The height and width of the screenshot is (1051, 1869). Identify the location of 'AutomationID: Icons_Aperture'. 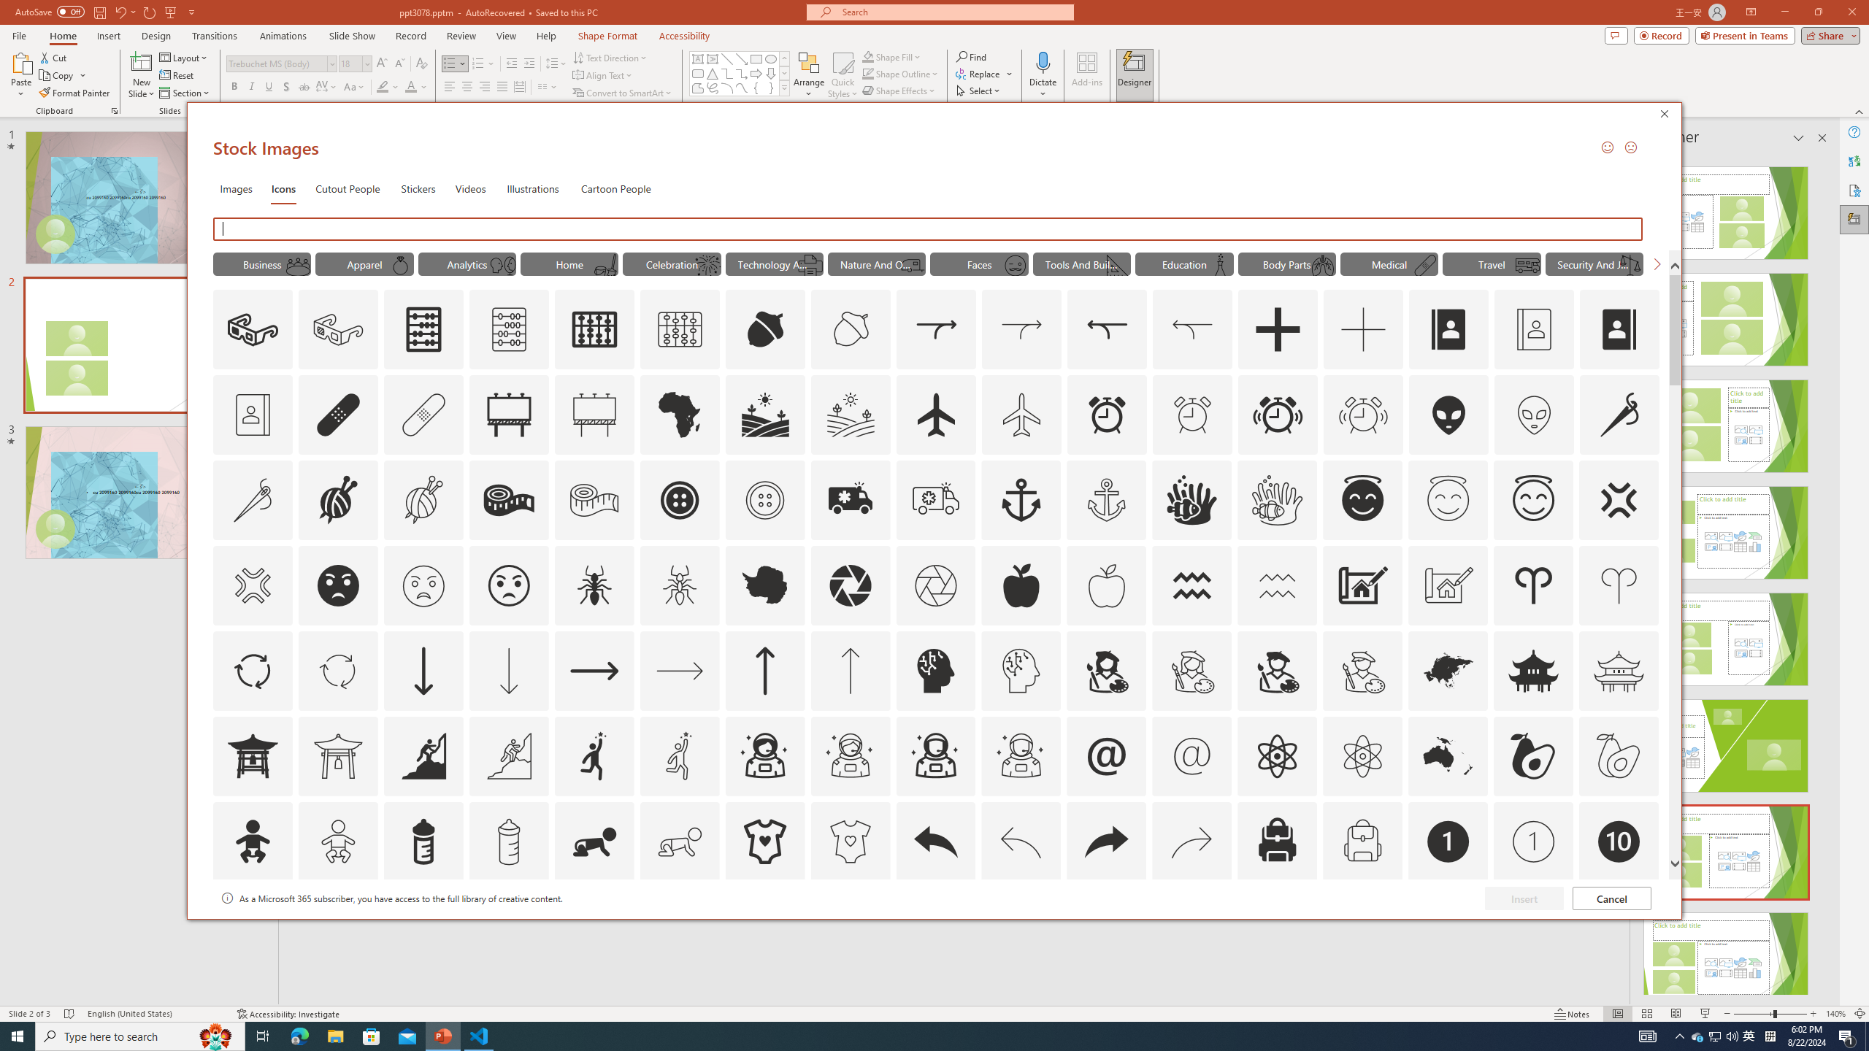
(849, 585).